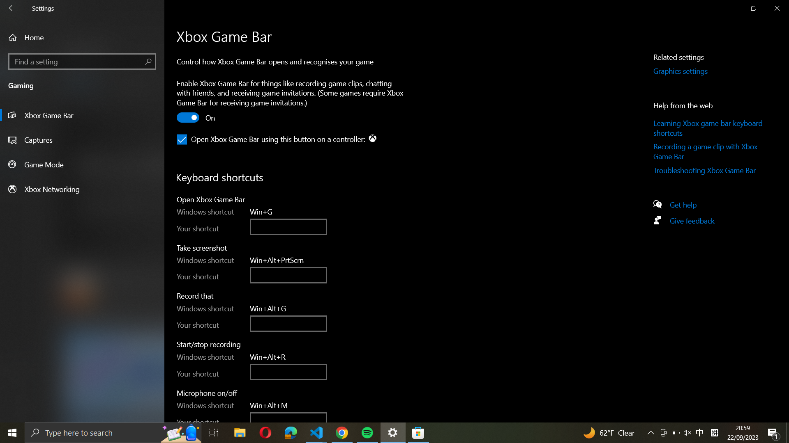 The height and width of the screenshot is (443, 789). I want to click on the page for submitting your opinions, so click(687, 222).